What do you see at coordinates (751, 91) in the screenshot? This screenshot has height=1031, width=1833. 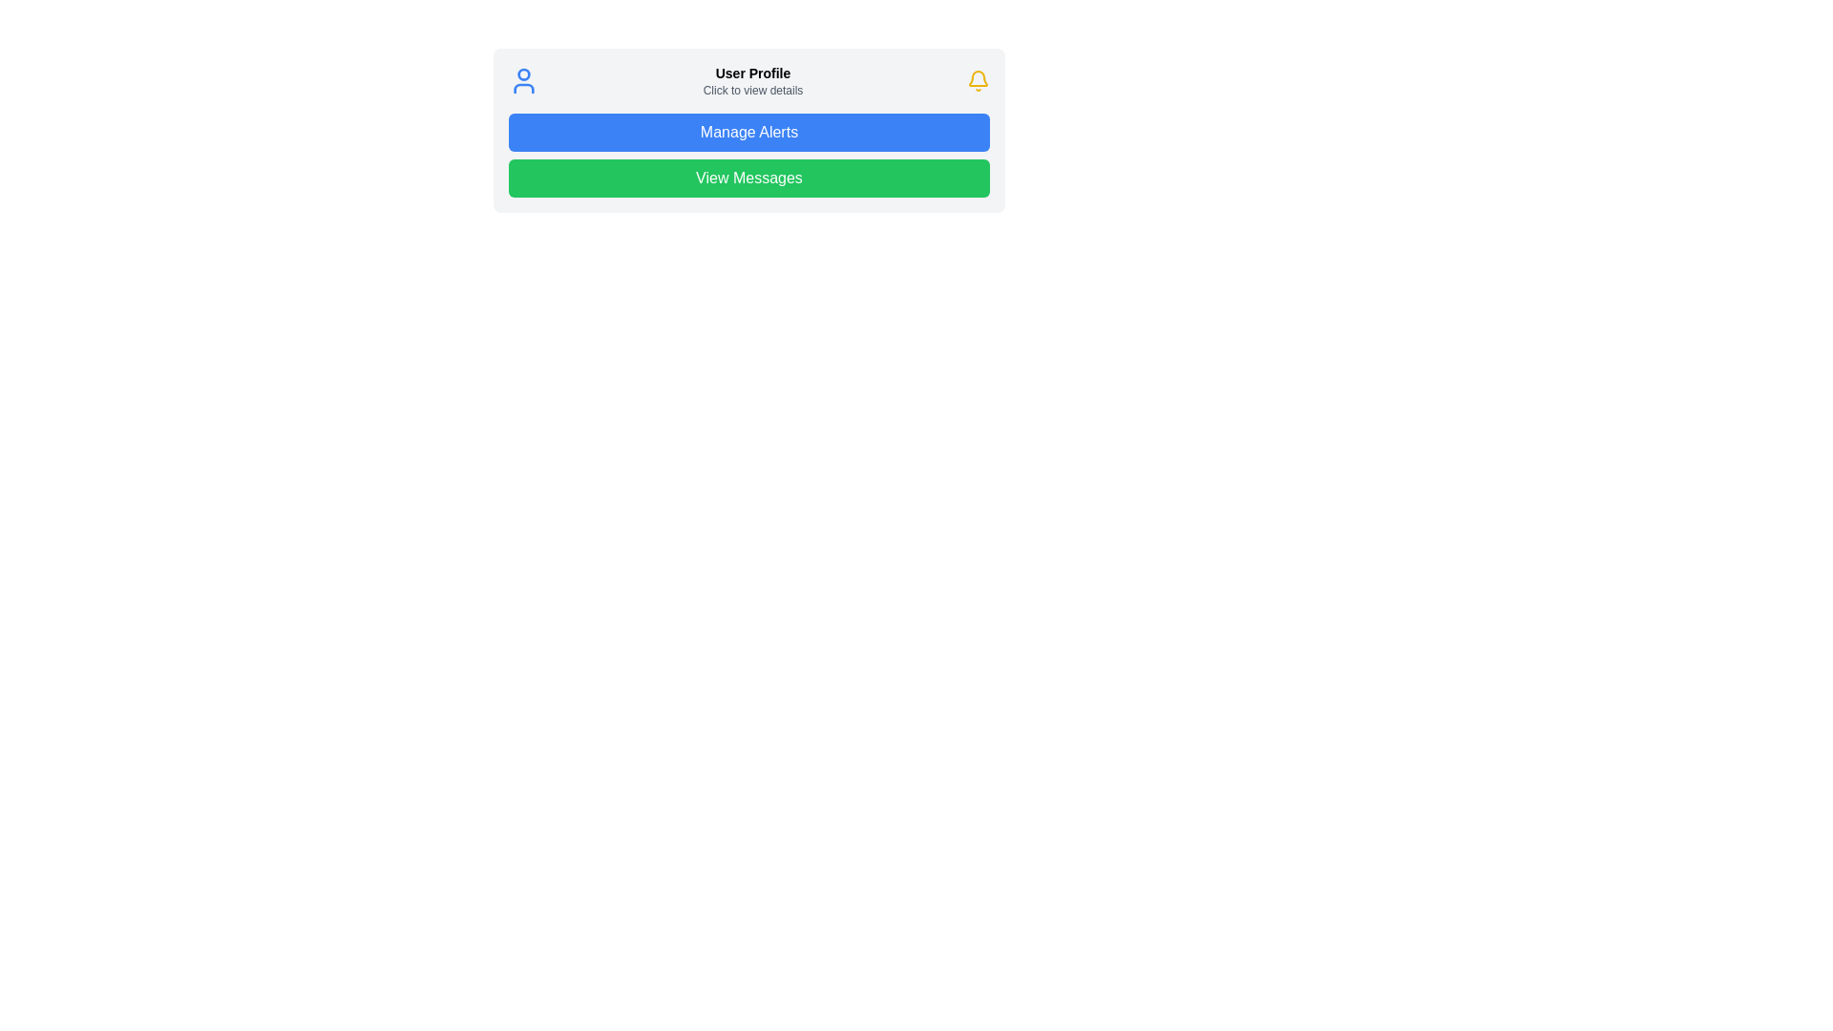 I see `the supplementary information Text label located below the 'User Profile' title and above the buttons 'Manage Alerts' and 'View Messages'` at bounding box center [751, 91].